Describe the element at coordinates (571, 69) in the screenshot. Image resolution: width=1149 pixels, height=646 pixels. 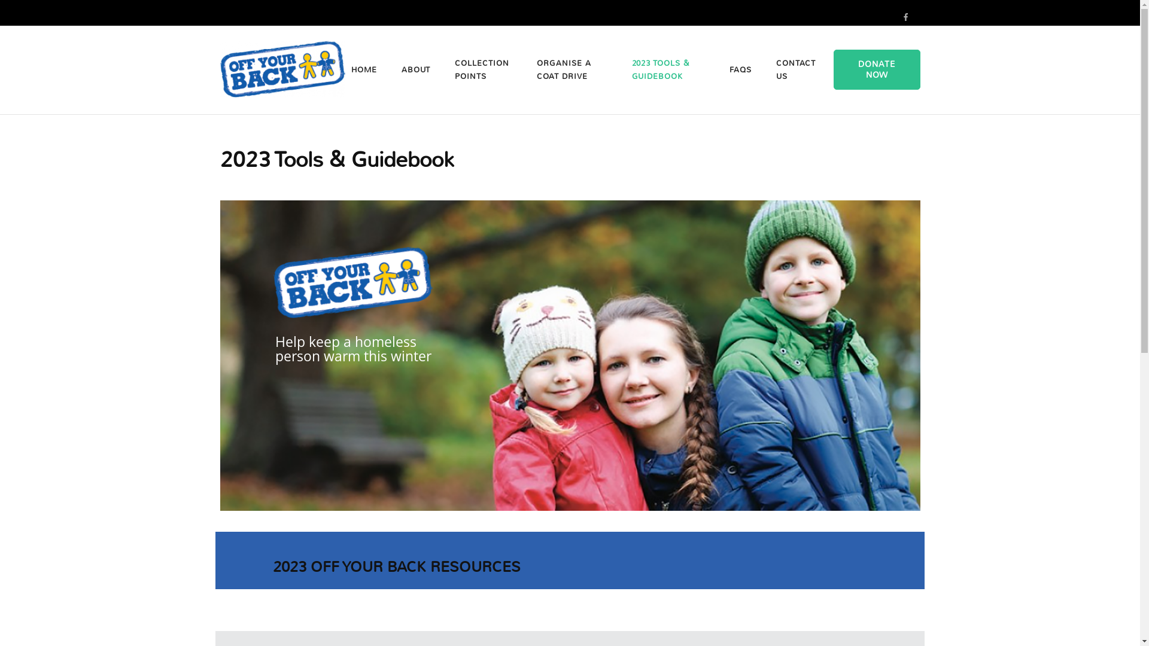
I see `'ORGANISE A COAT DRIVE'` at that location.